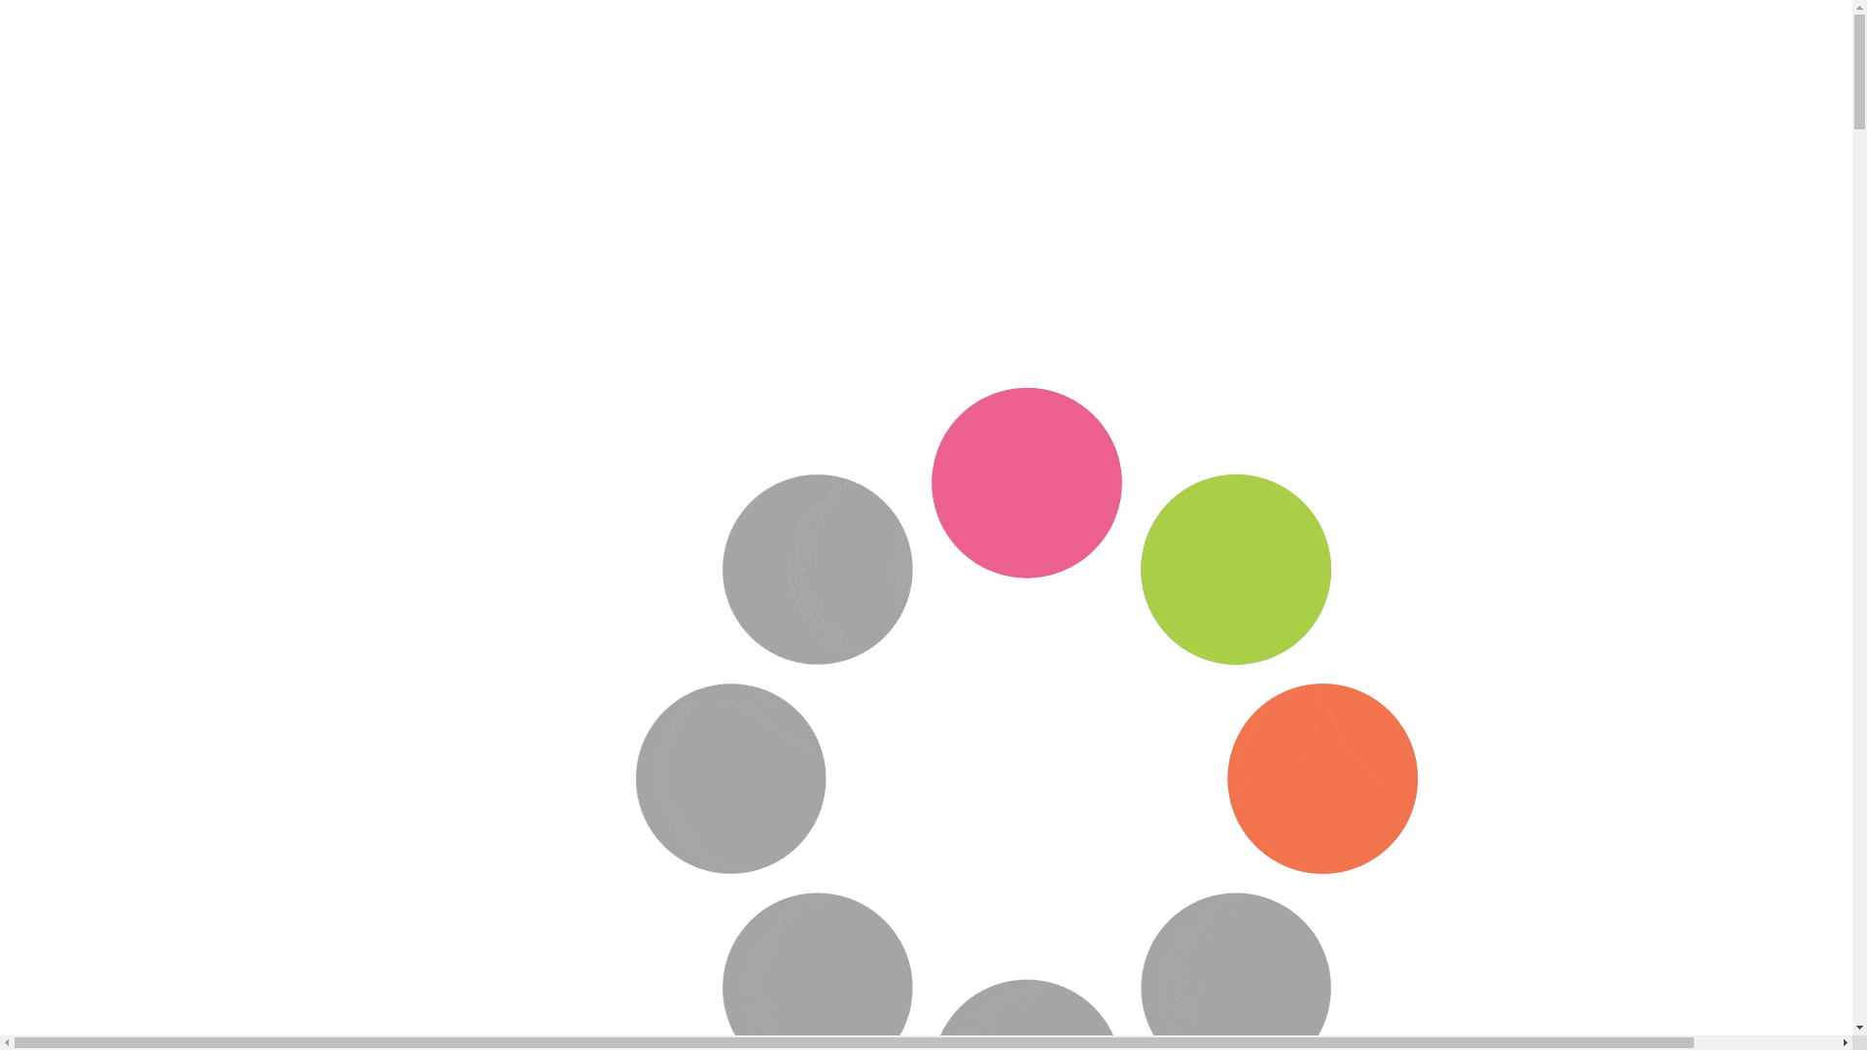 This screenshot has width=1867, height=1050. What do you see at coordinates (7, 7) in the screenshot?
I see `'Skip to content'` at bounding box center [7, 7].